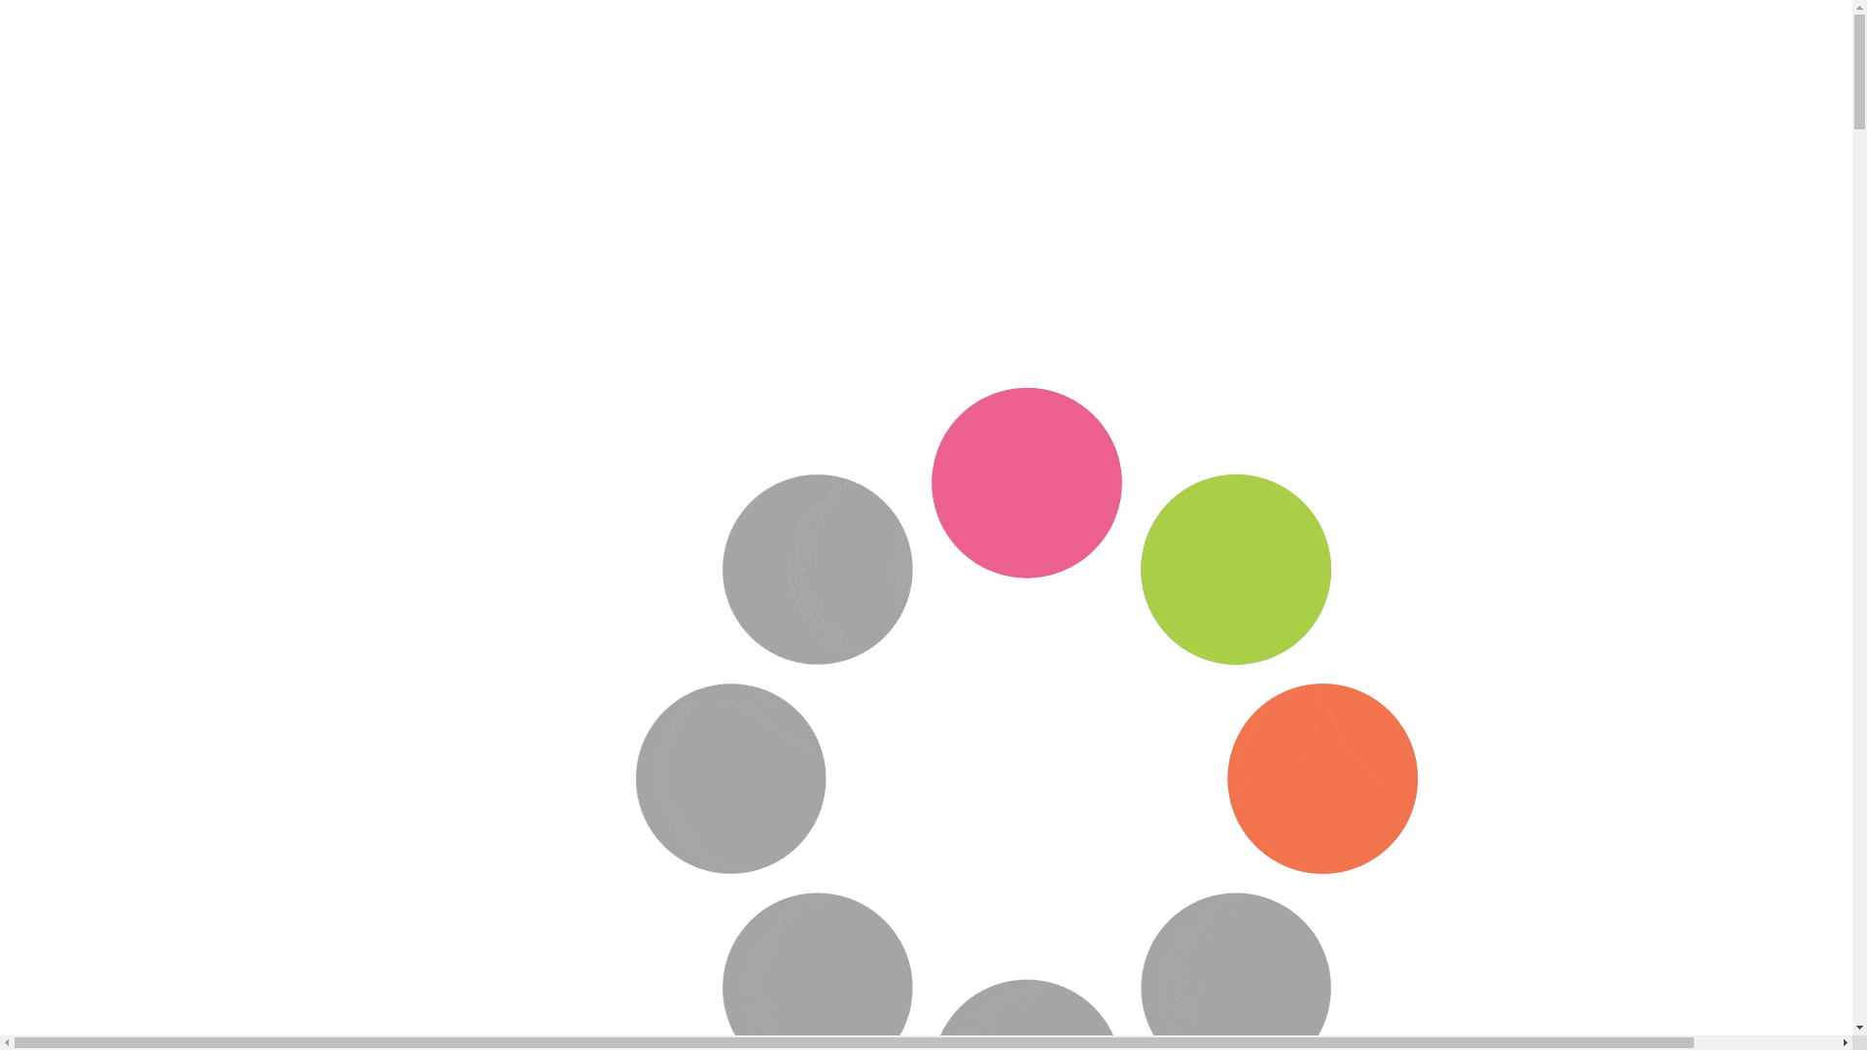 This screenshot has width=1867, height=1050. What do you see at coordinates (7, 7) in the screenshot?
I see `'Skip to content'` at bounding box center [7, 7].